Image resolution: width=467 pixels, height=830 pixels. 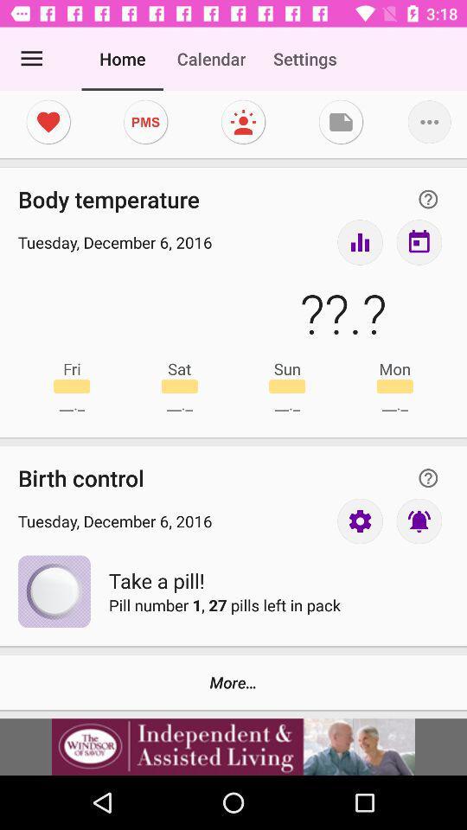 What do you see at coordinates (418, 241) in the screenshot?
I see `inbox button` at bounding box center [418, 241].